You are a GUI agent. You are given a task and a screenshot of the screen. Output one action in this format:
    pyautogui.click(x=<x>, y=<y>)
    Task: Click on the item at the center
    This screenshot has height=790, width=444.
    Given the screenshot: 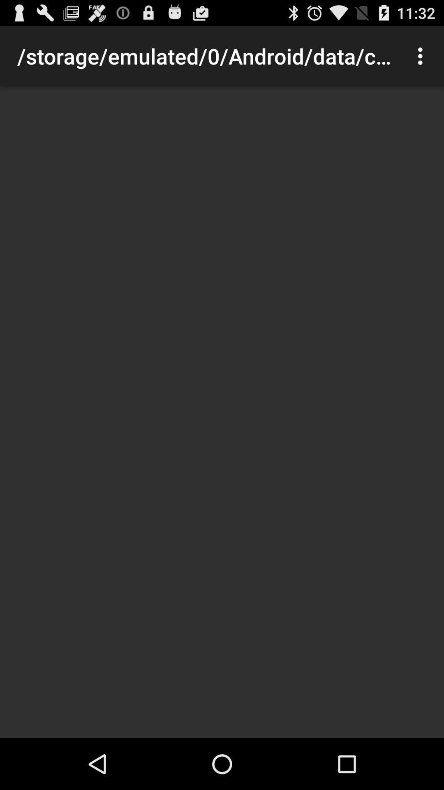 What is the action you would take?
    pyautogui.click(x=222, y=412)
    